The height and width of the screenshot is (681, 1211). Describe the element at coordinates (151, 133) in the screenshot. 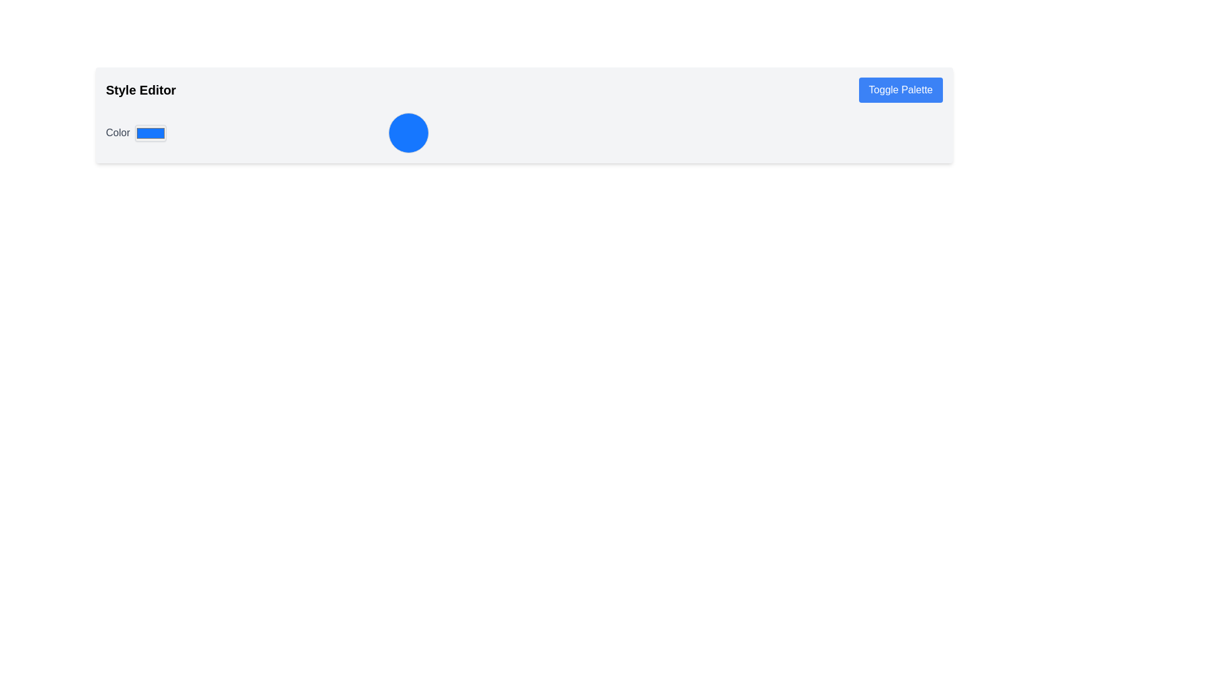

I see `the Color Picker Input element located next to the 'Color' label on the left side of the interface` at that location.